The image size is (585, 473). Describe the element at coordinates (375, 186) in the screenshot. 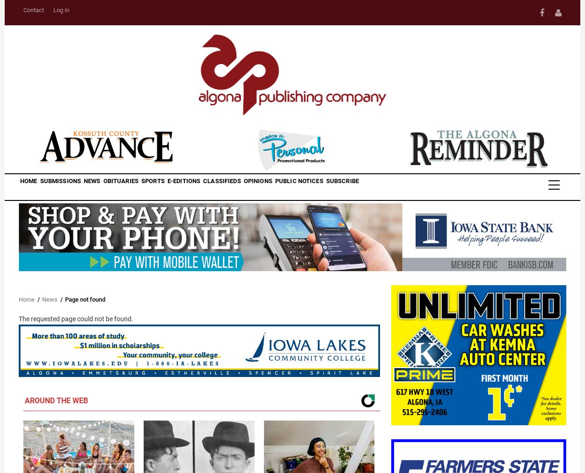

I see `'Public Notices'` at that location.